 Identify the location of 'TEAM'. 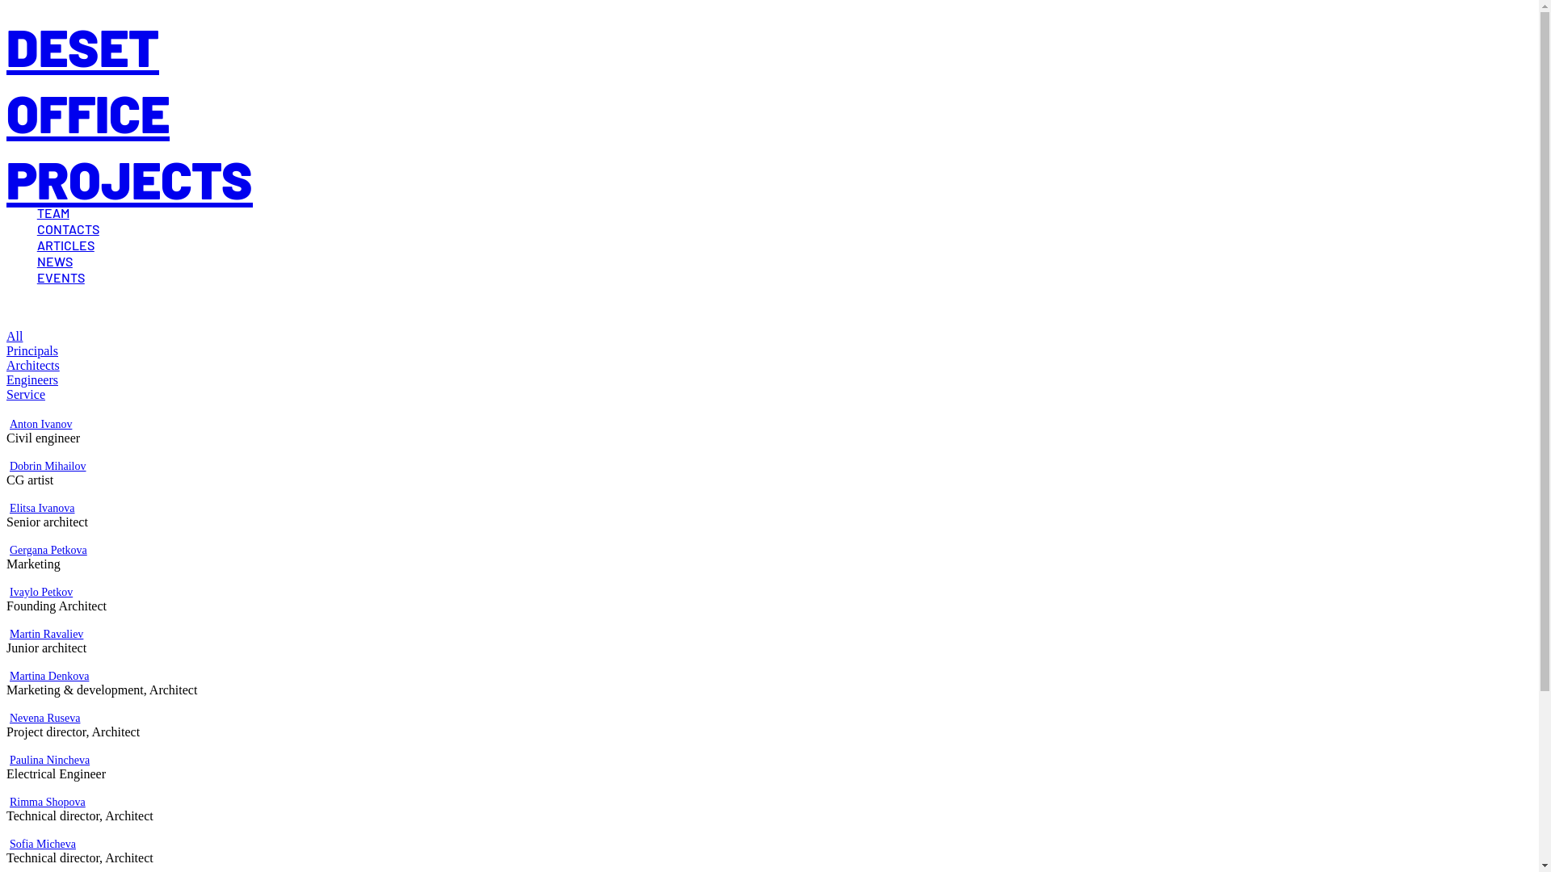
(53, 212).